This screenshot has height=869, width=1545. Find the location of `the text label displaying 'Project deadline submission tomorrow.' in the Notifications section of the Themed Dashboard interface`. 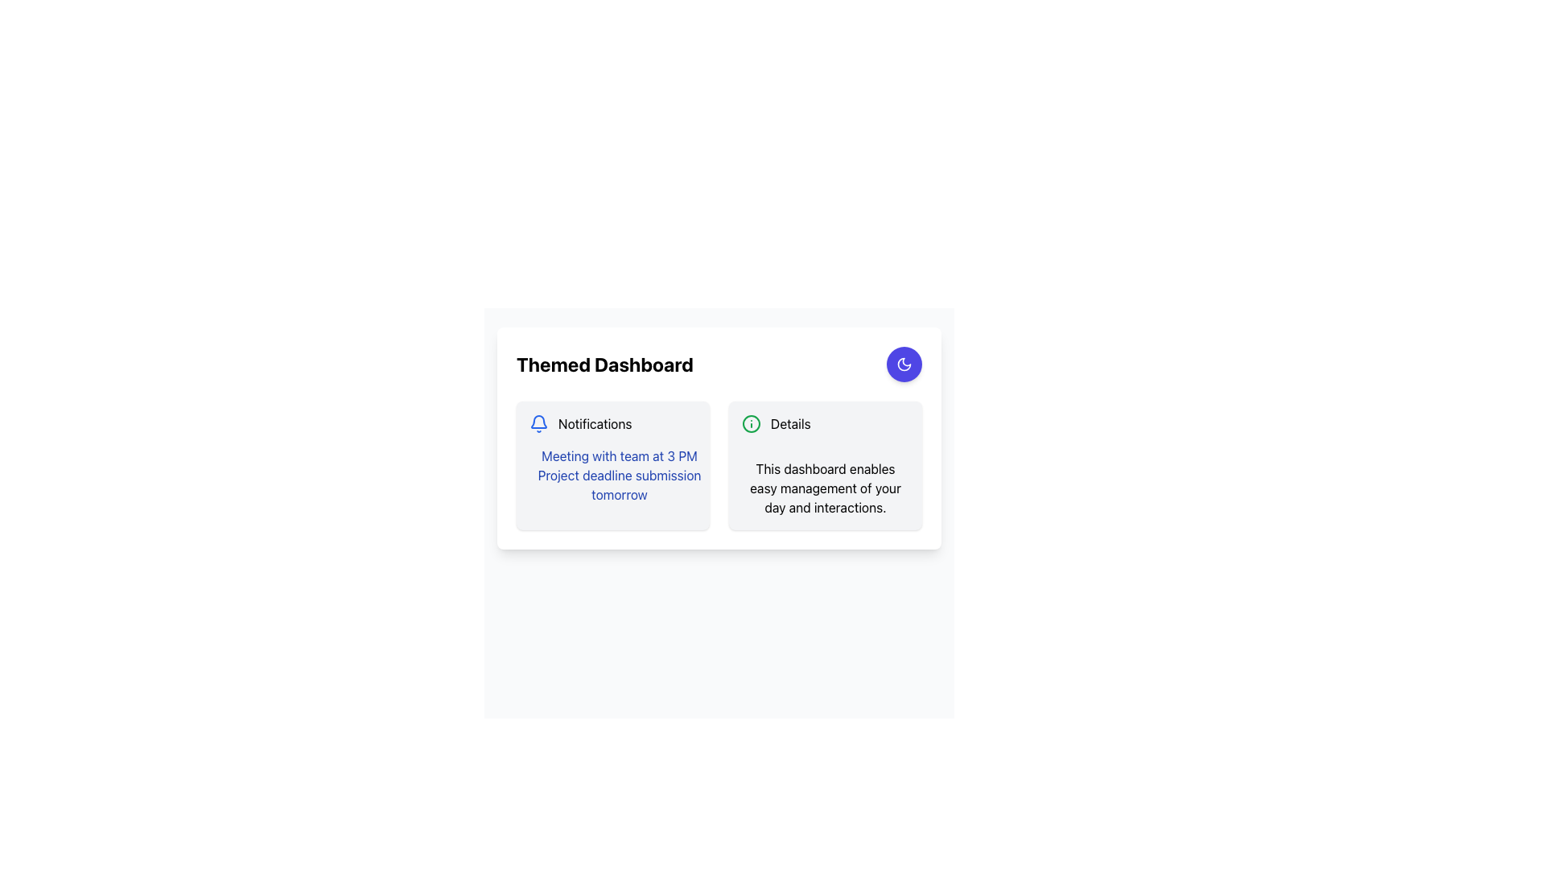

the text label displaying 'Project deadline submission tomorrow.' in the Notifications section of the Themed Dashboard interface is located at coordinates (618, 484).